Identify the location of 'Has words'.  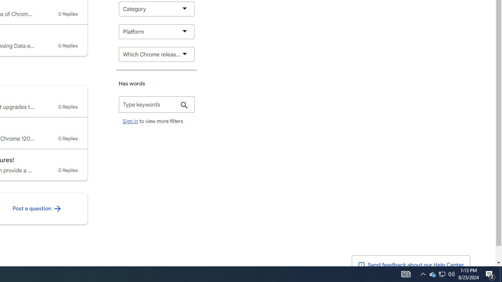
(156, 104).